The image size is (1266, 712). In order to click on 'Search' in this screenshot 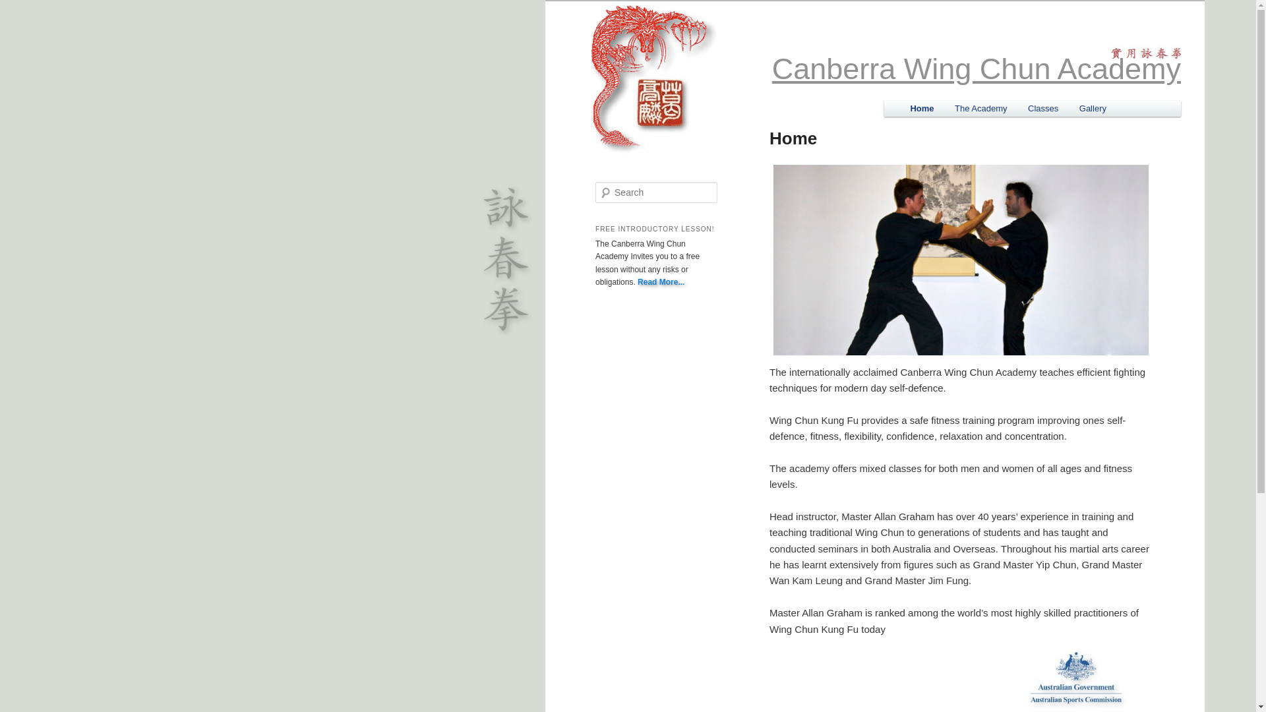, I will do `click(18, 9)`.